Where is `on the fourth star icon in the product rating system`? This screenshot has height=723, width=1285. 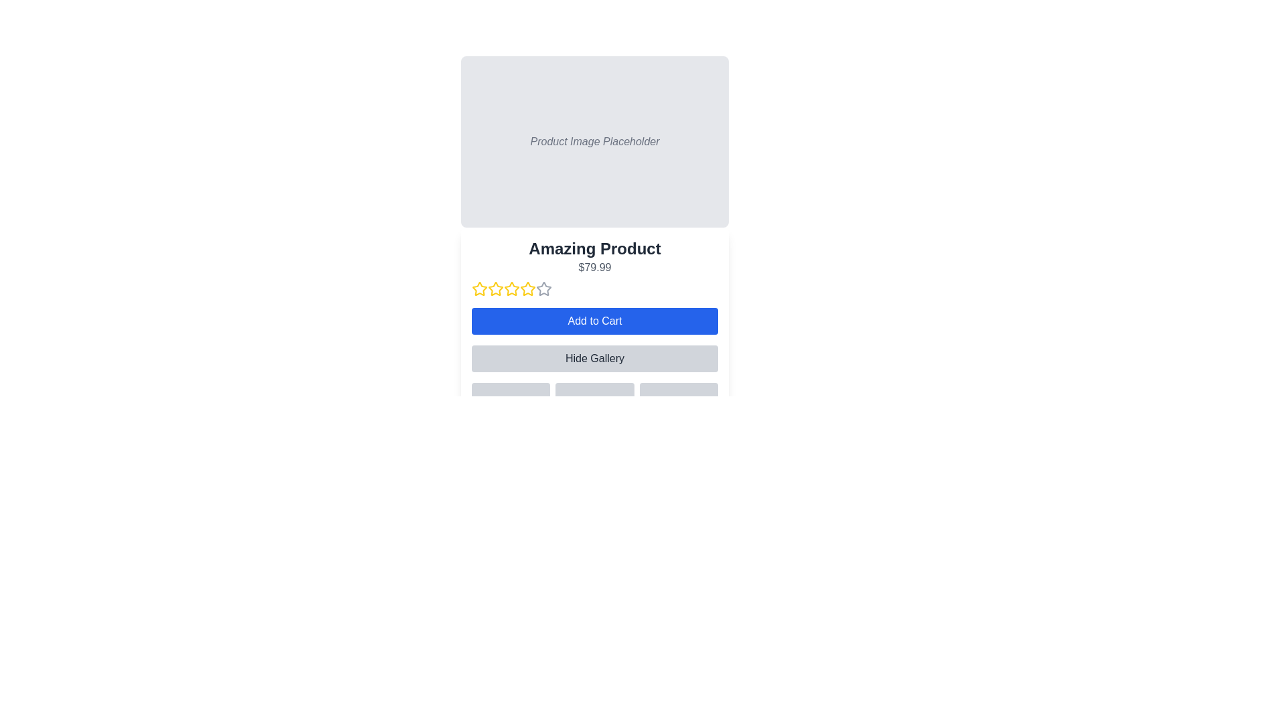
on the fourth star icon in the product rating system is located at coordinates (527, 288).